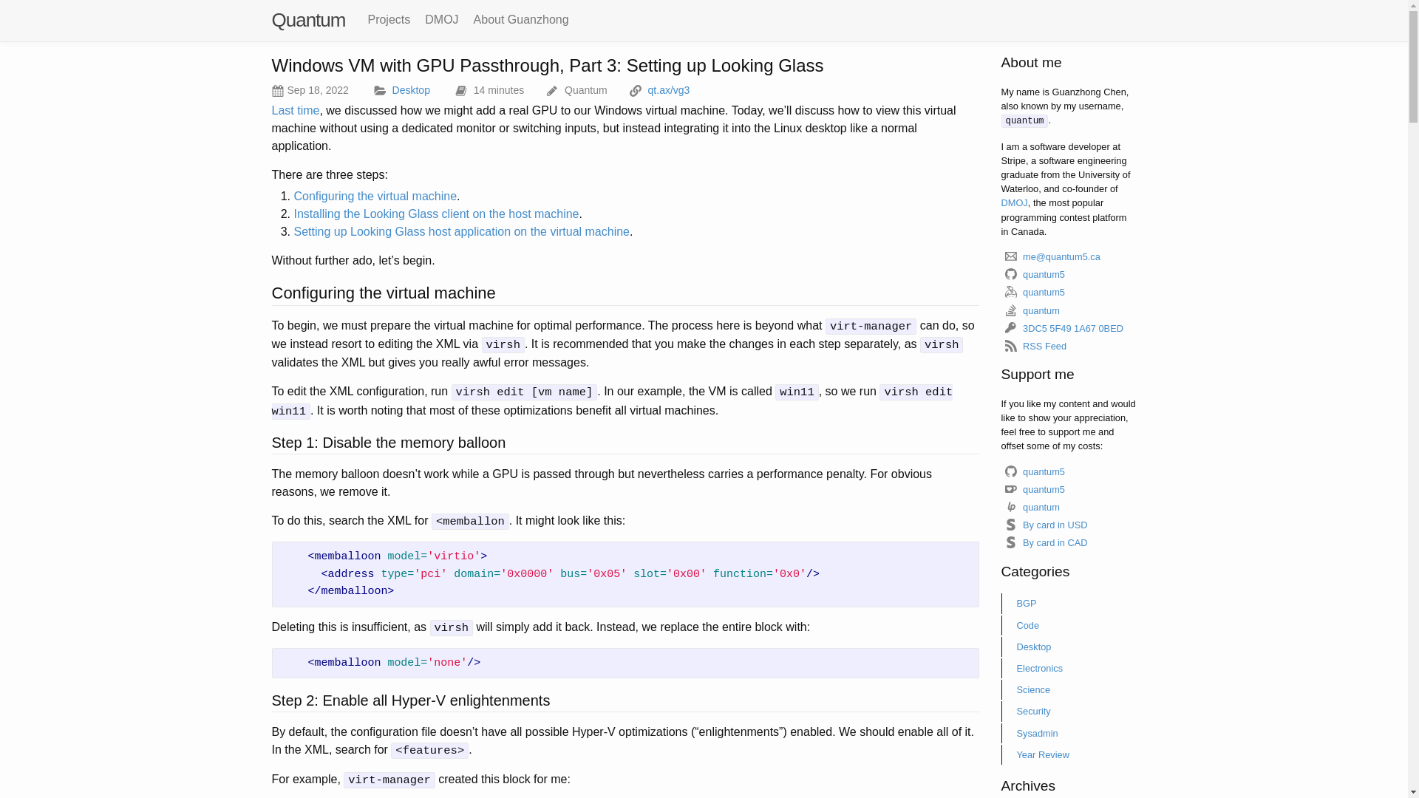  I want to click on 'RSS Feed', so click(1000, 346).